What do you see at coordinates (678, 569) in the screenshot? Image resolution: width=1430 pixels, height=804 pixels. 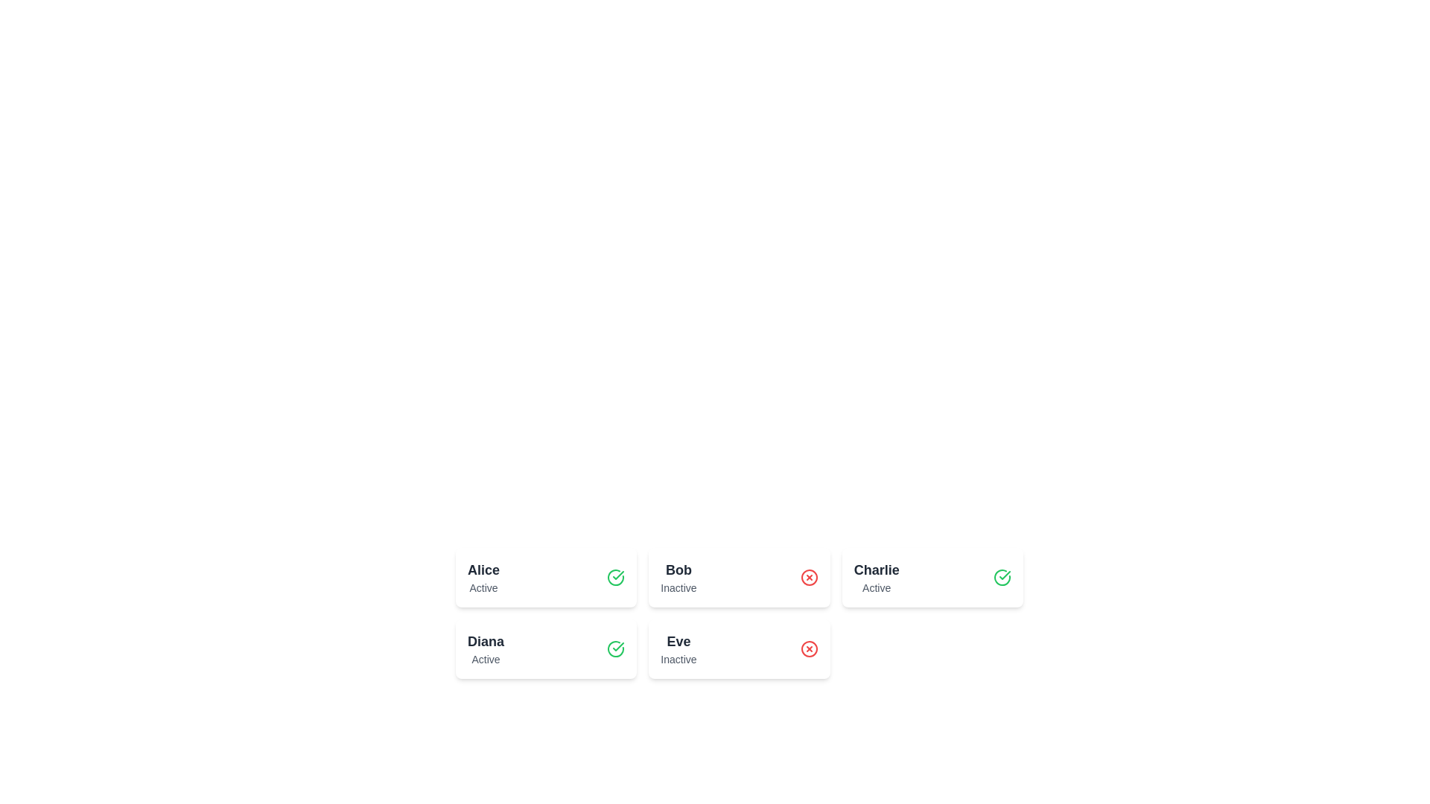 I see `the static text label 'Bob' which is styled with a bold font weight, located within a card-like interface under the name column` at bounding box center [678, 569].